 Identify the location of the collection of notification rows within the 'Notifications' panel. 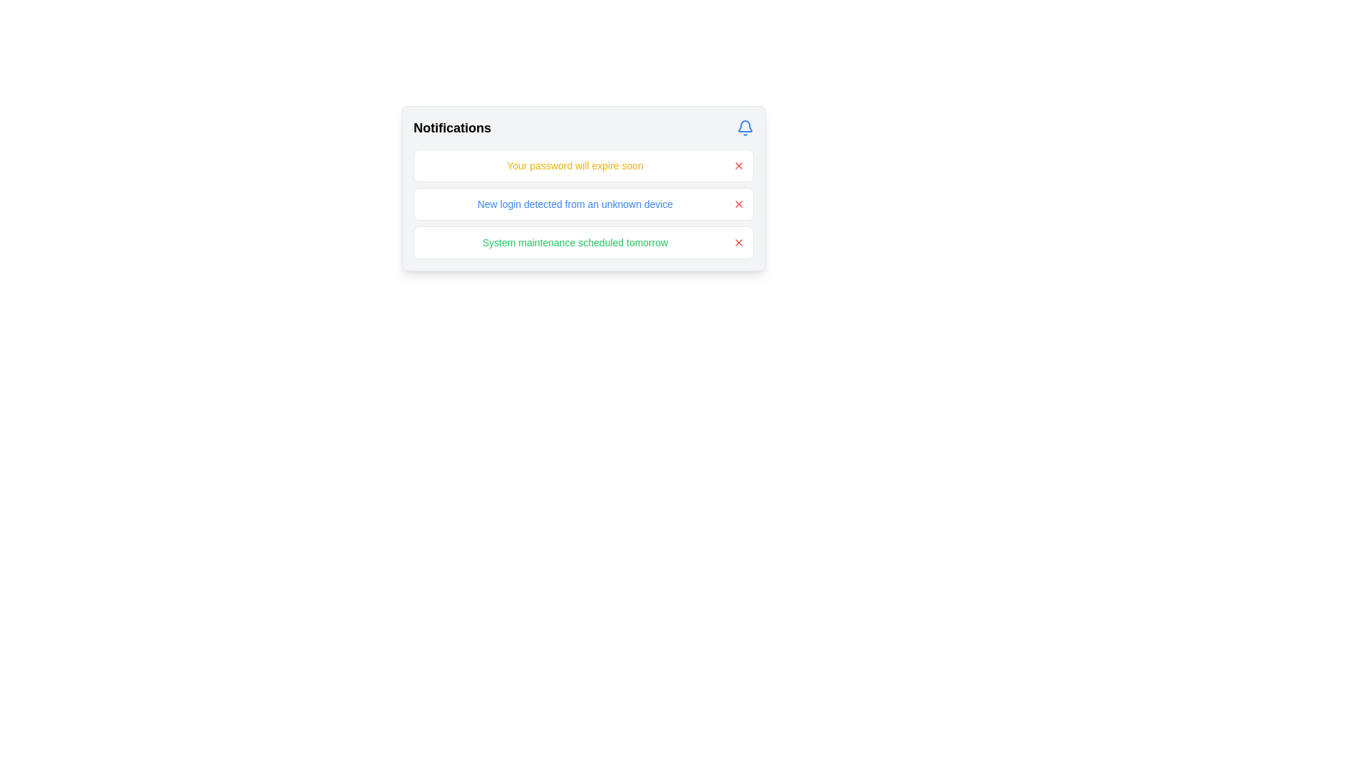
(584, 204).